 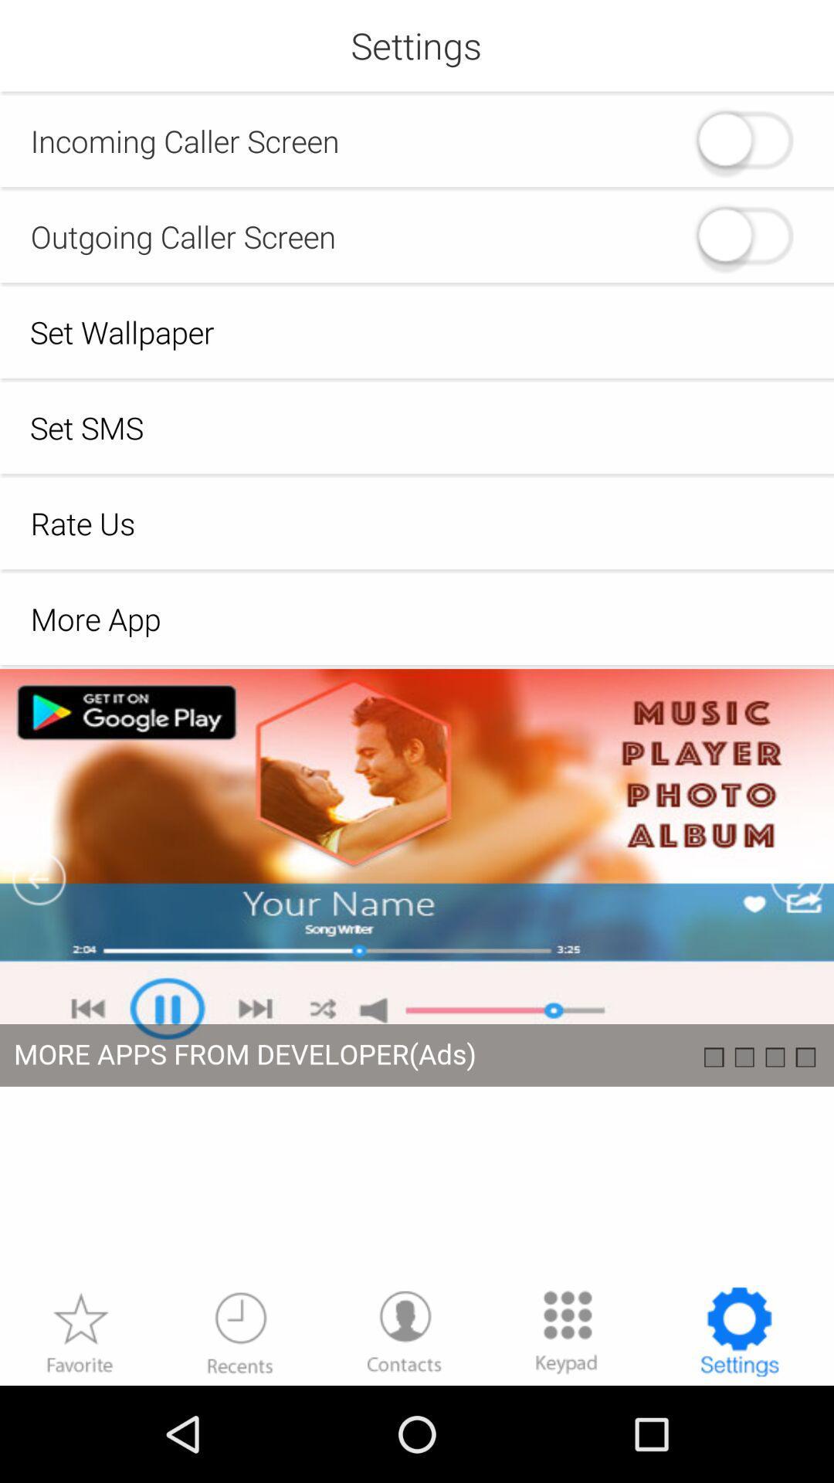 What do you see at coordinates (738, 1331) in the screenshot?
I see `setting the option` at bounding box center [738, 1331].